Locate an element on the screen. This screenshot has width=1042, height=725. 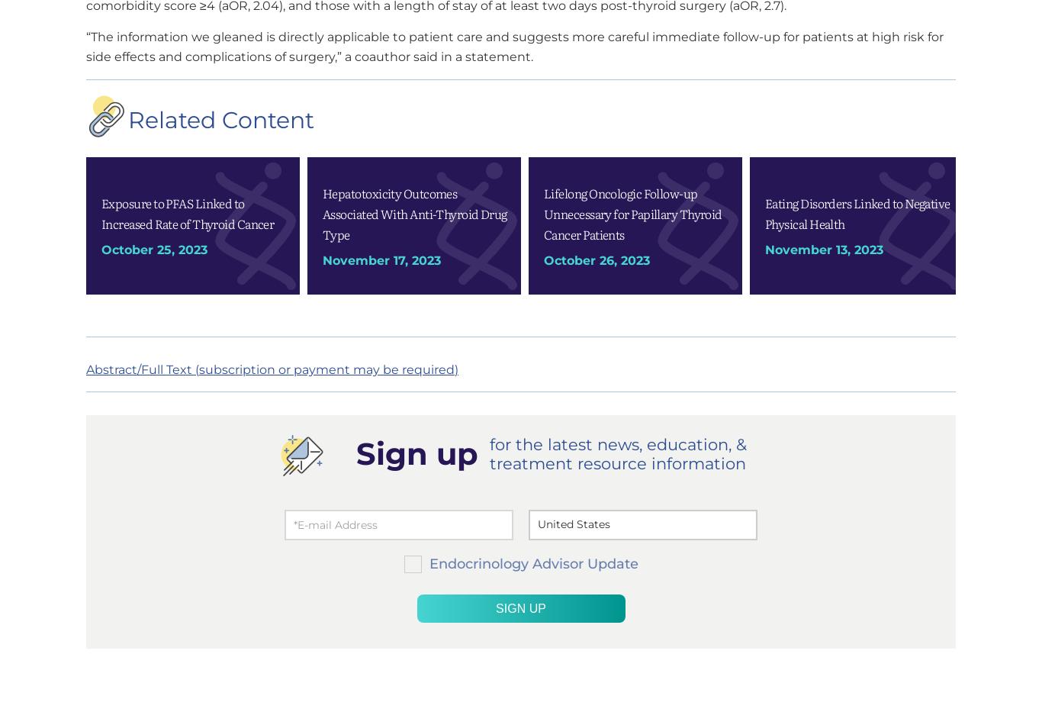
'Hepatotoxicity Outcomes Associated With Anti-Thyroid Drug Type' is located at coordinates (414, 212).